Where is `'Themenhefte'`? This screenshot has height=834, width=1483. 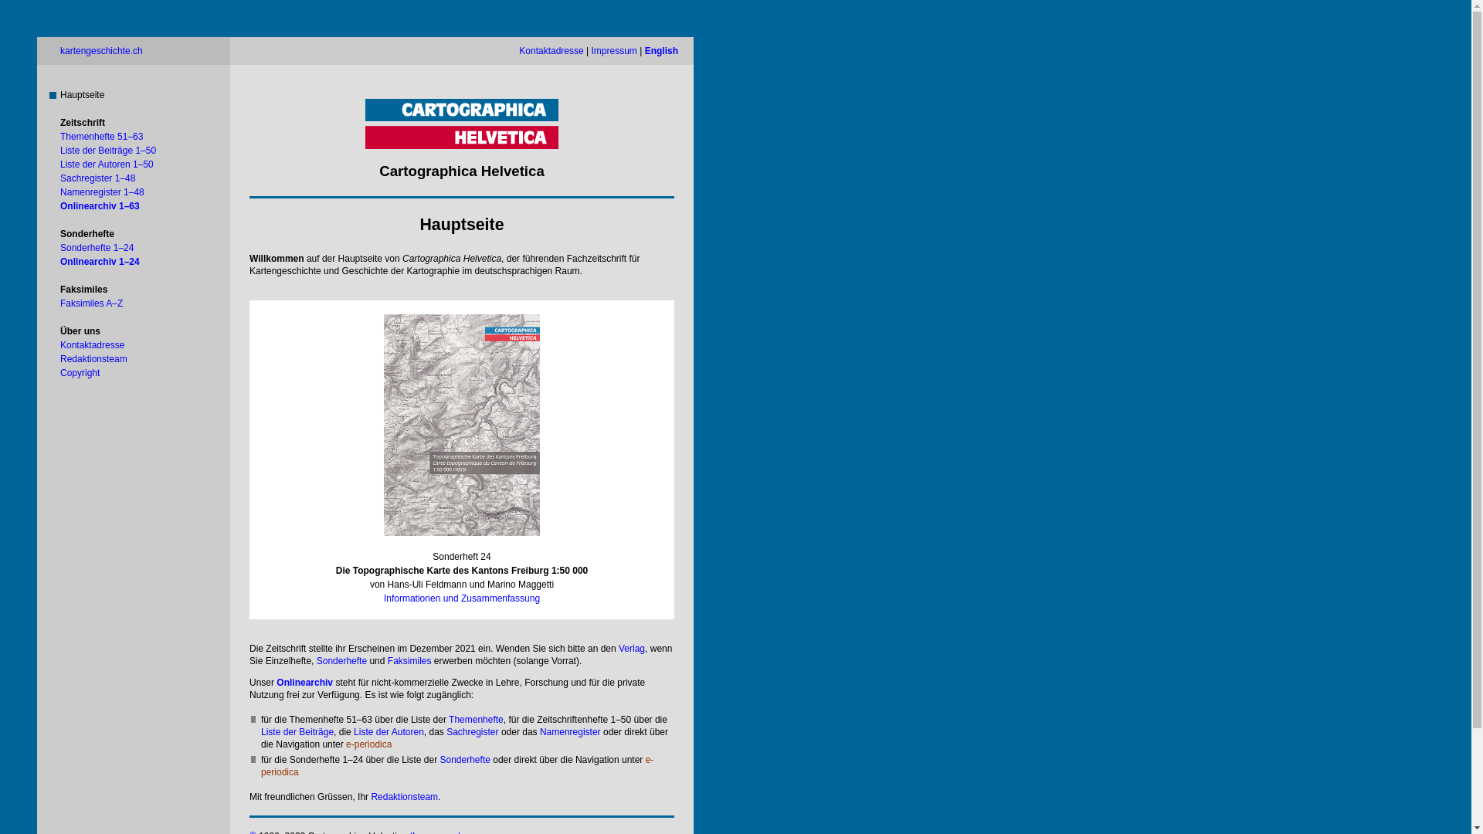 'Themenhefte' is located at coordinates (475, 720).